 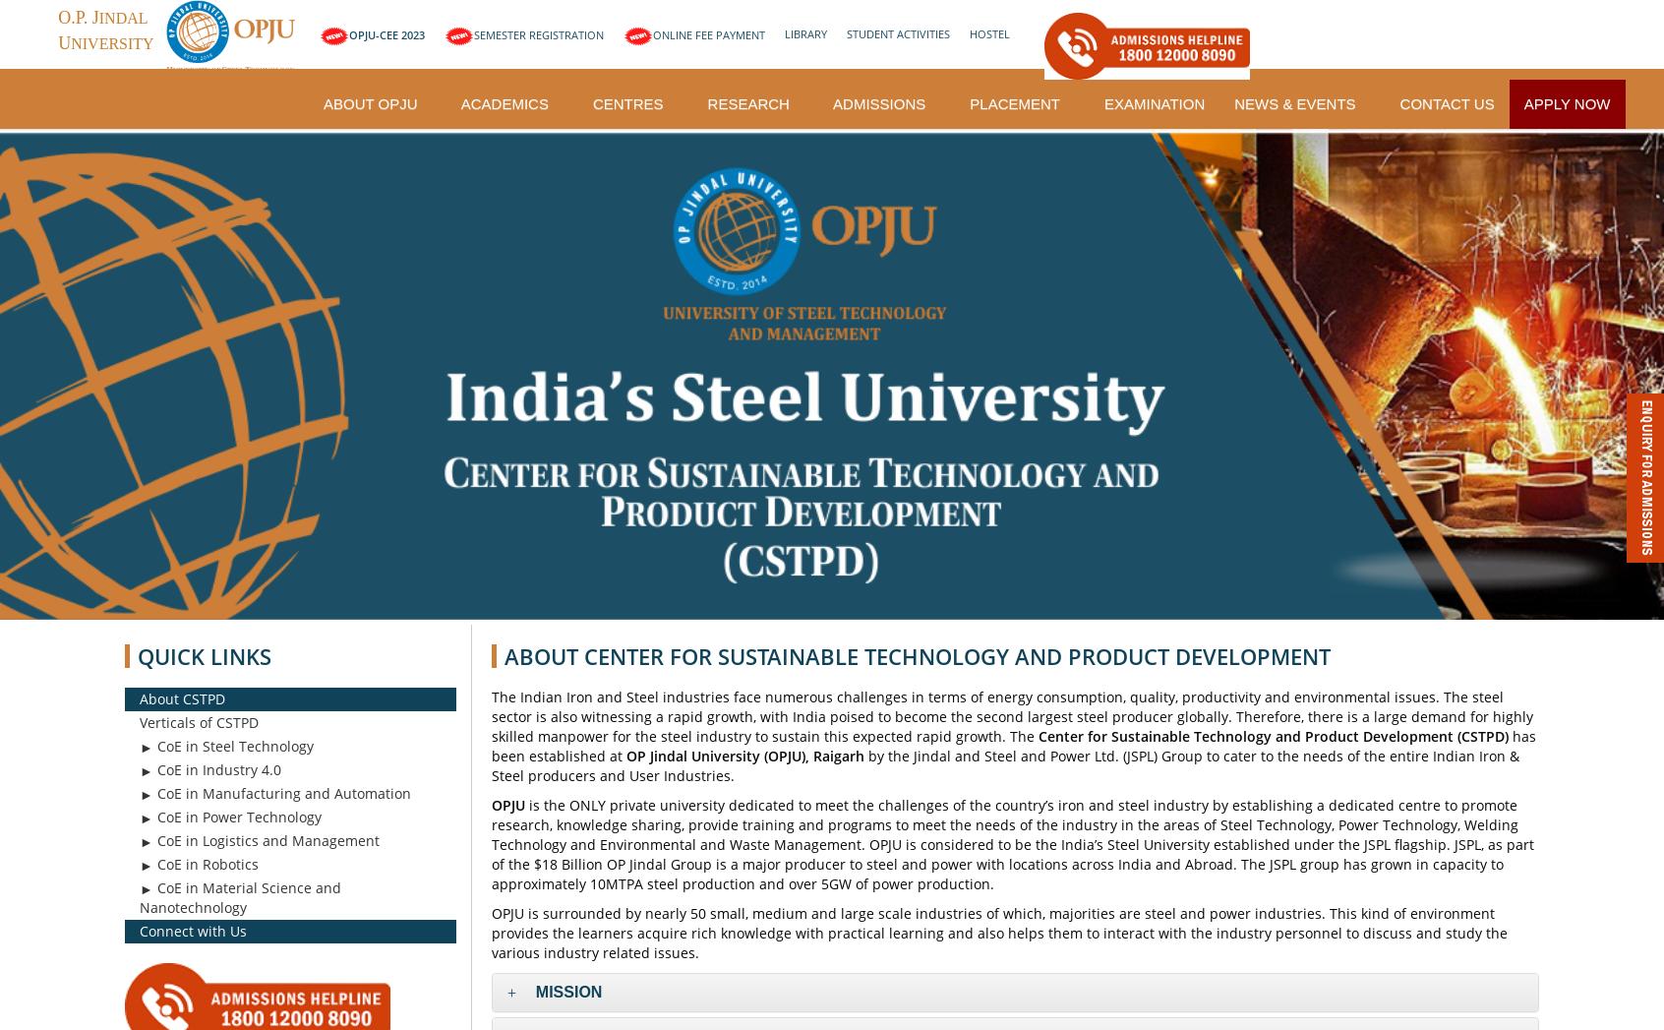 What do you see at coordinates (217, 768) in the screenshot?
I see `'CoE in Industry 4.0'` at bounding box center [217, 768].